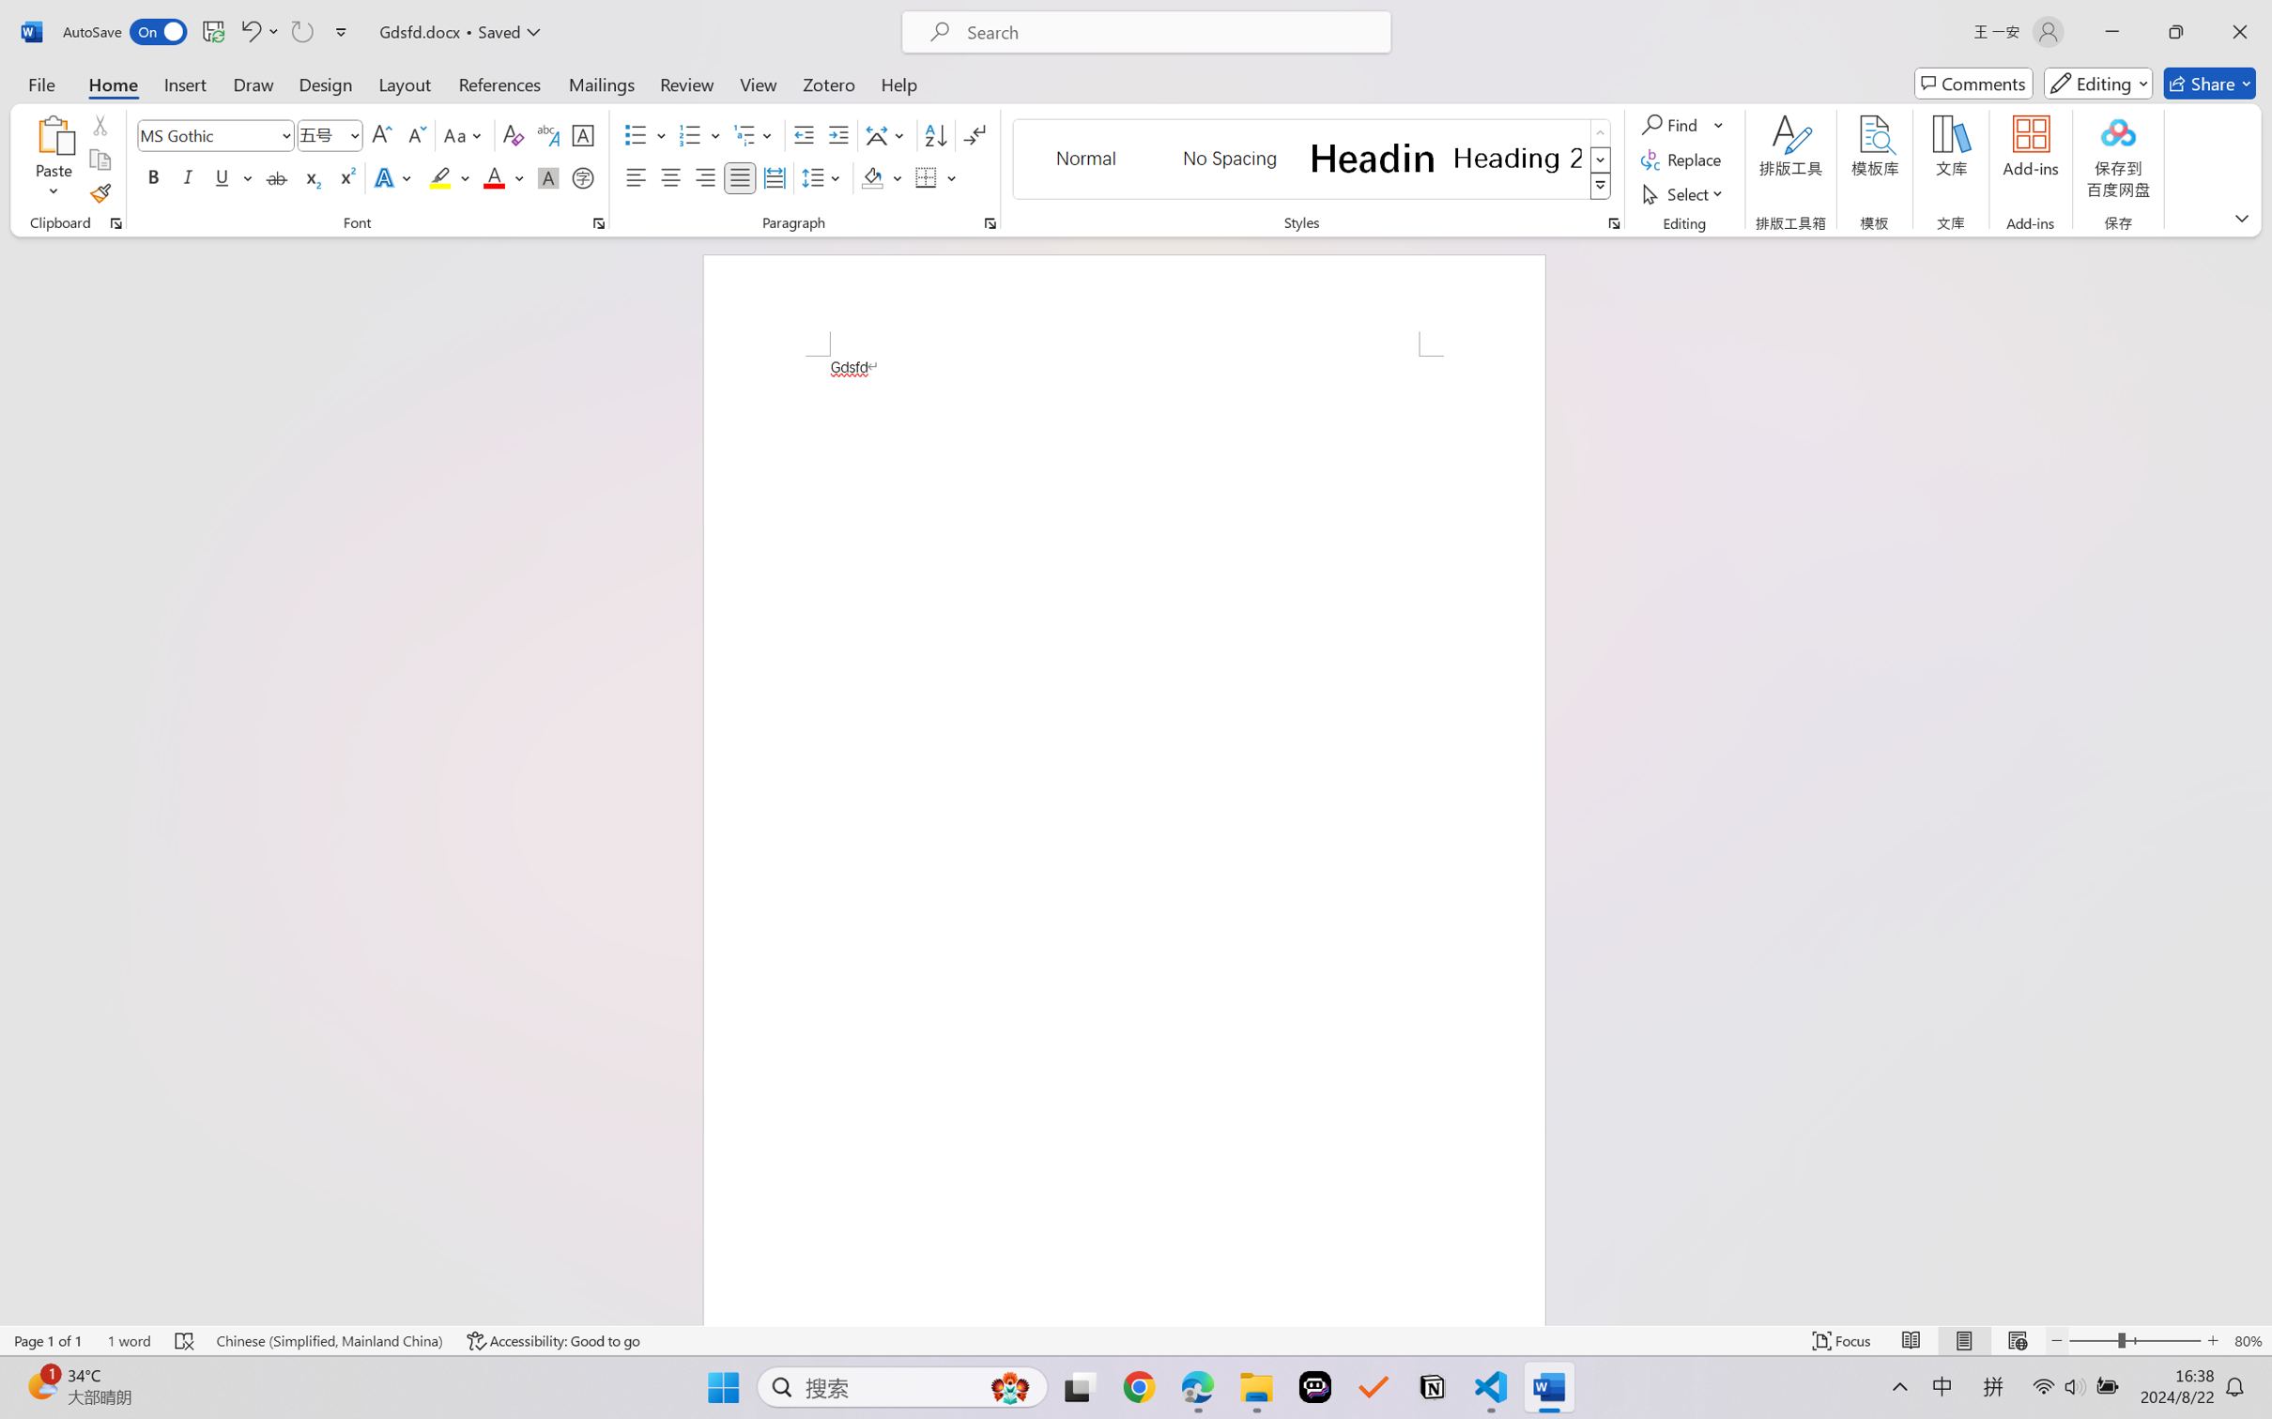 The width and height of the screenshot is (2272, 1419). I want to click on 'Spelling and Grammar Check Errors', so click(185, 1340).